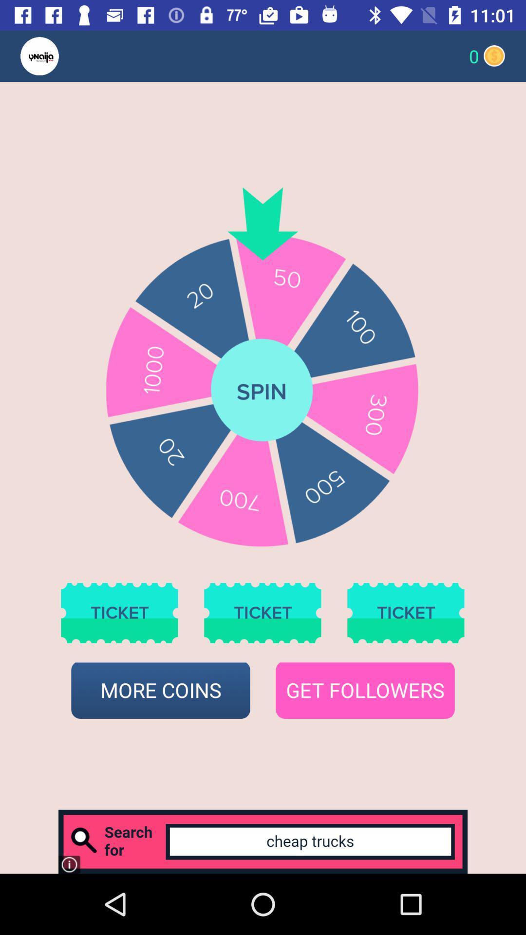 Image resolution: width=526 pixels, height=935 pixels. Describe the element at coordinates (262, 391) in the screenshot. I see `spin the wheel` at that location.